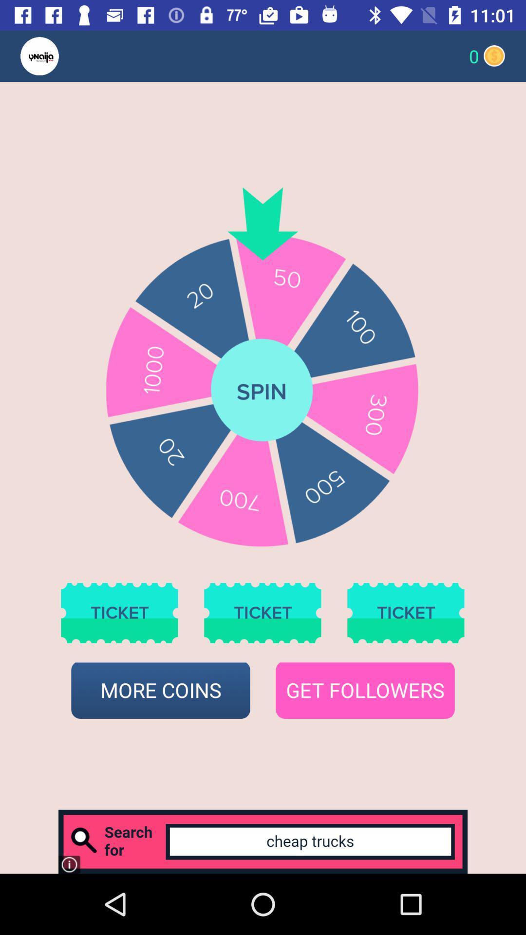 Image resolution: width=526 pixels, height=935 pixels. Describe the element at coordinates (262, 391) in the screenshot. I see `spin the wheel` at that location.